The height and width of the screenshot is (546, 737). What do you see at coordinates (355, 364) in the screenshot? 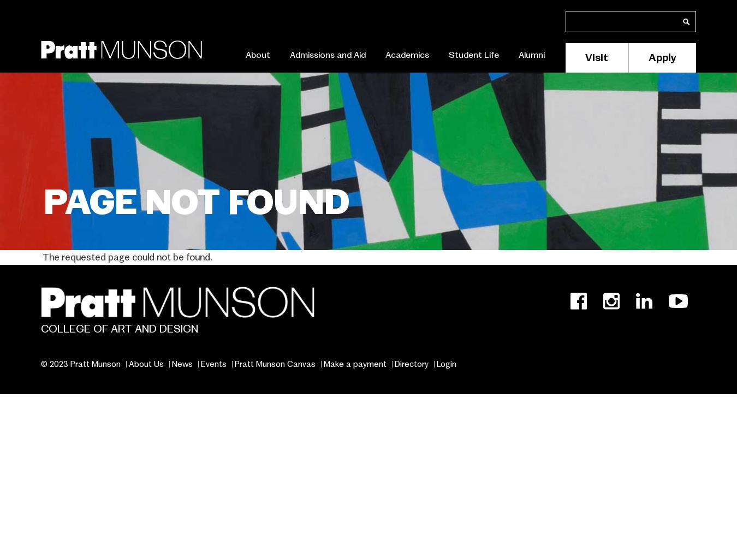
I see `'Make a payment'` at bounding box center [355, 364].